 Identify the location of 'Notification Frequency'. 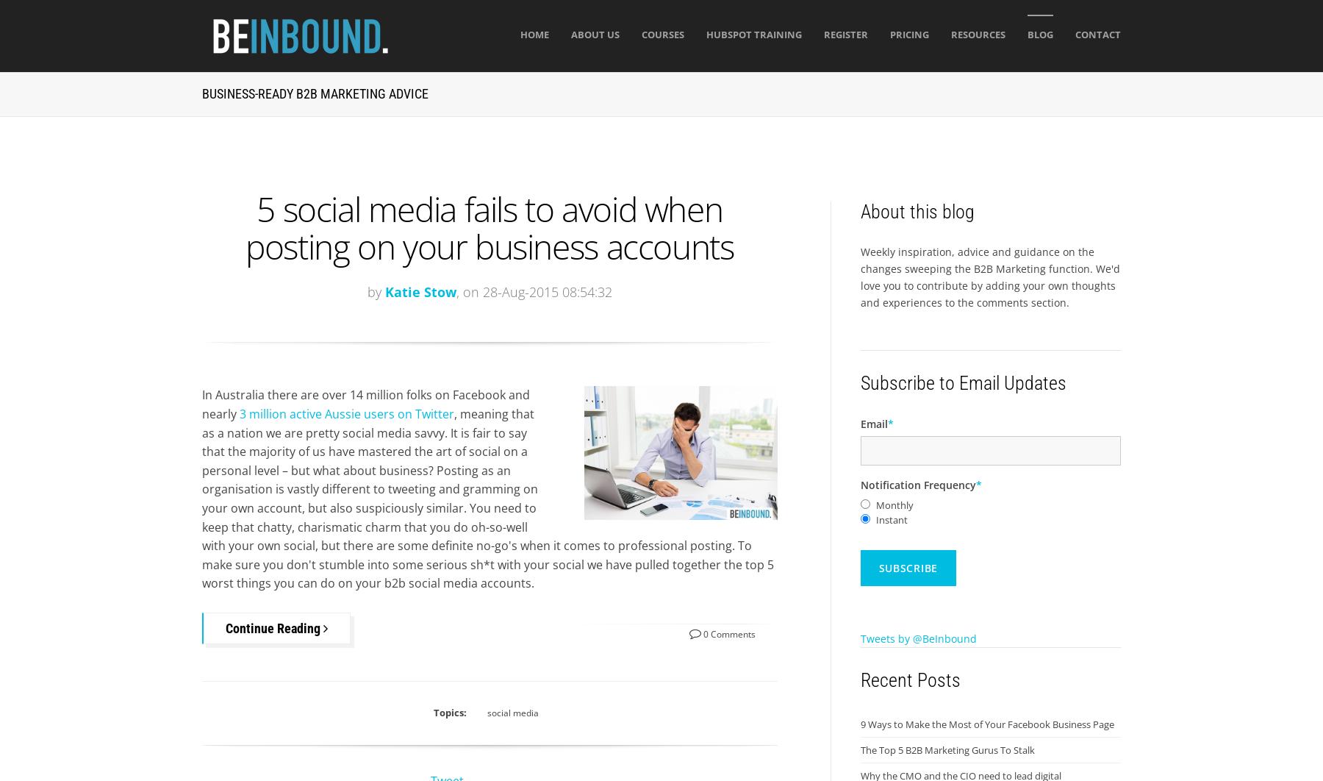
(917, 485).